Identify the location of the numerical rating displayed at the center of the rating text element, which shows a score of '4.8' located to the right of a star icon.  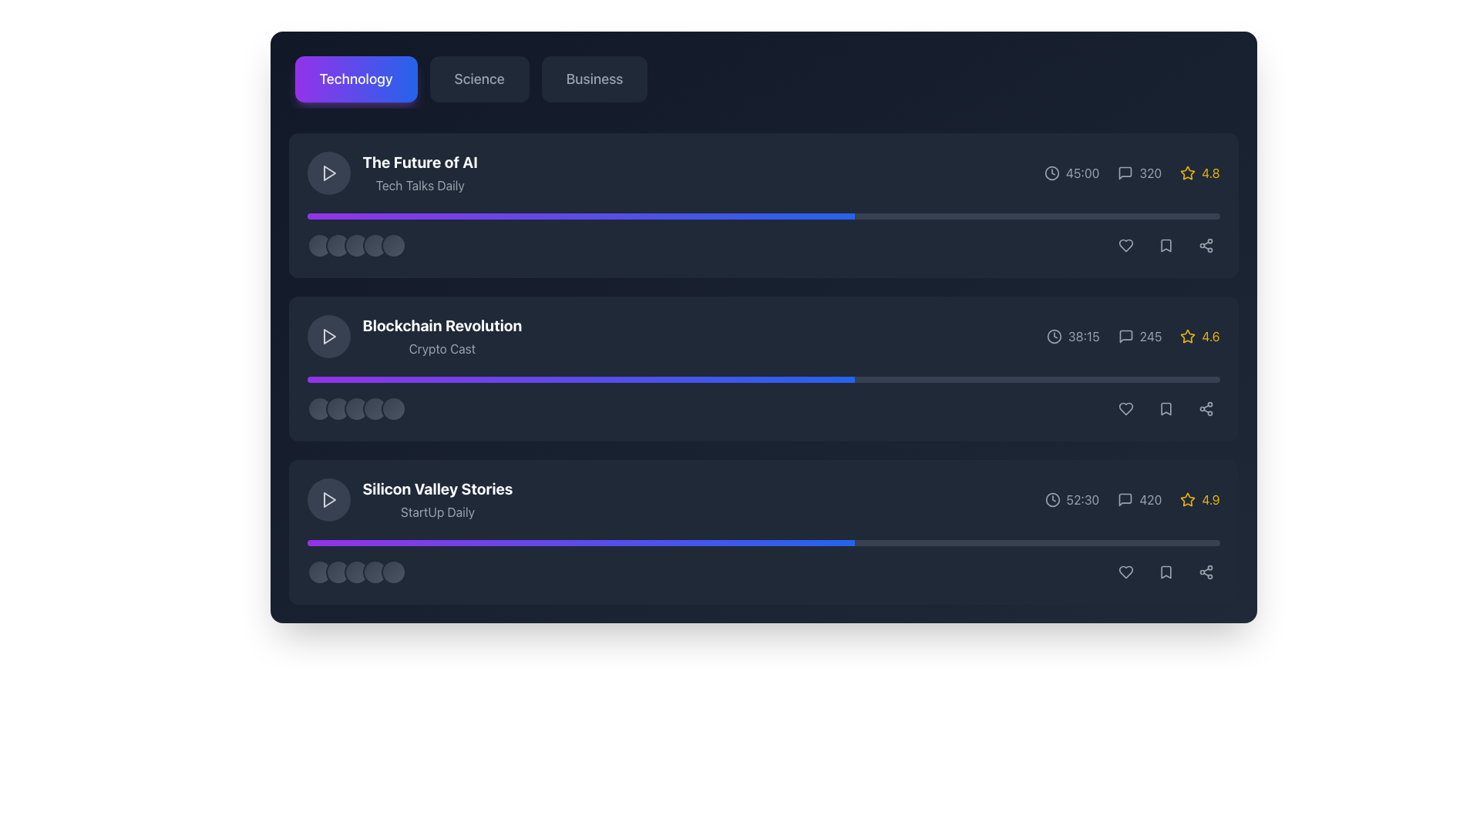
(1209, 173).